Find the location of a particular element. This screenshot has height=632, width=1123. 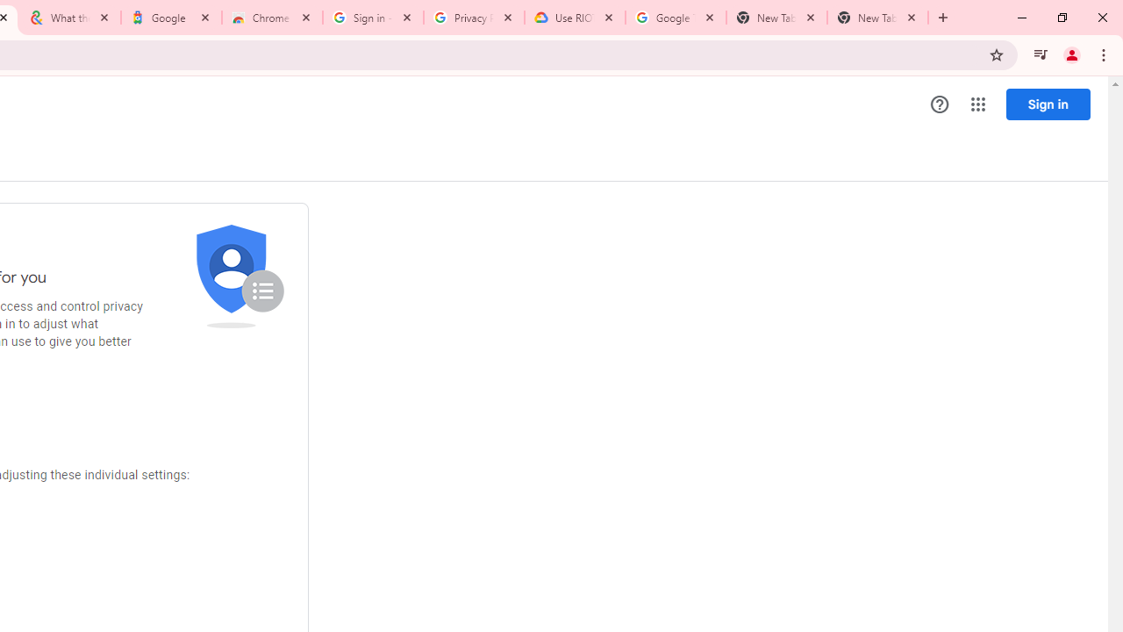

'Sign in' is located at coordinates (1048, 104).